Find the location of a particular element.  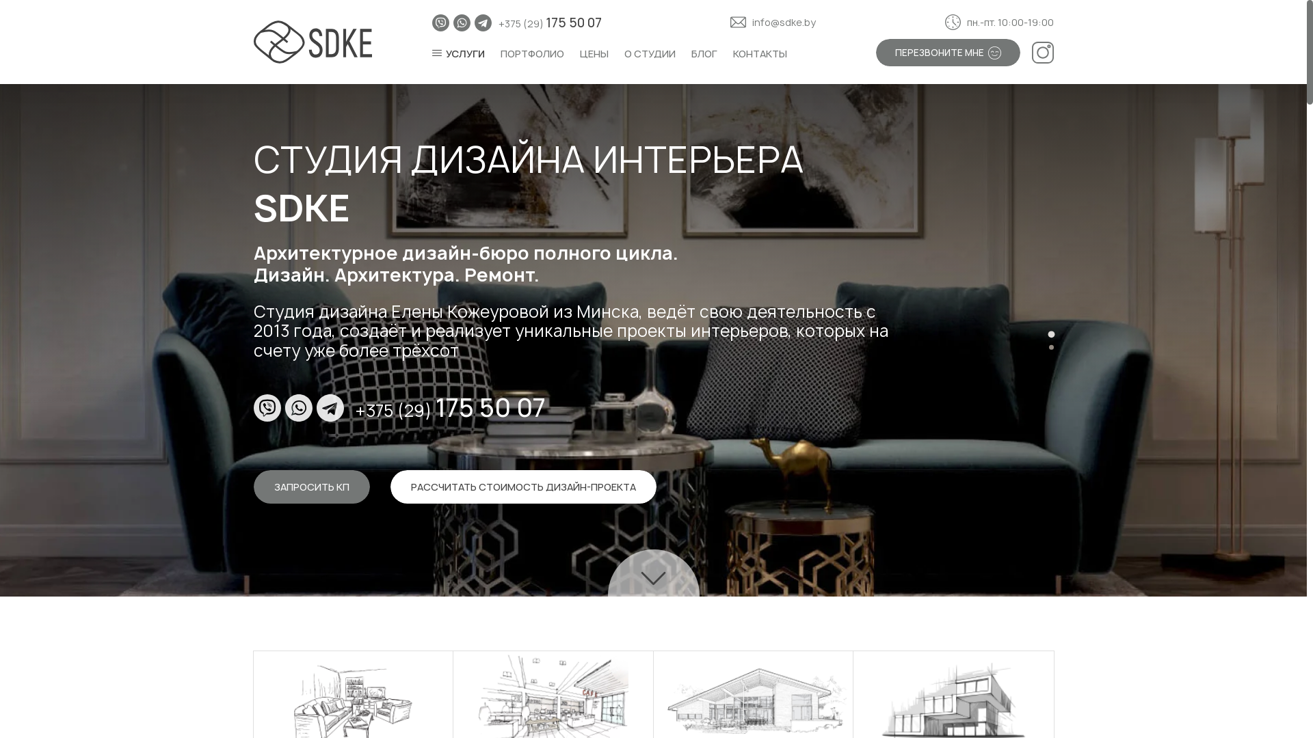

'info@sdke.by' is located at coordinates (730, 23).